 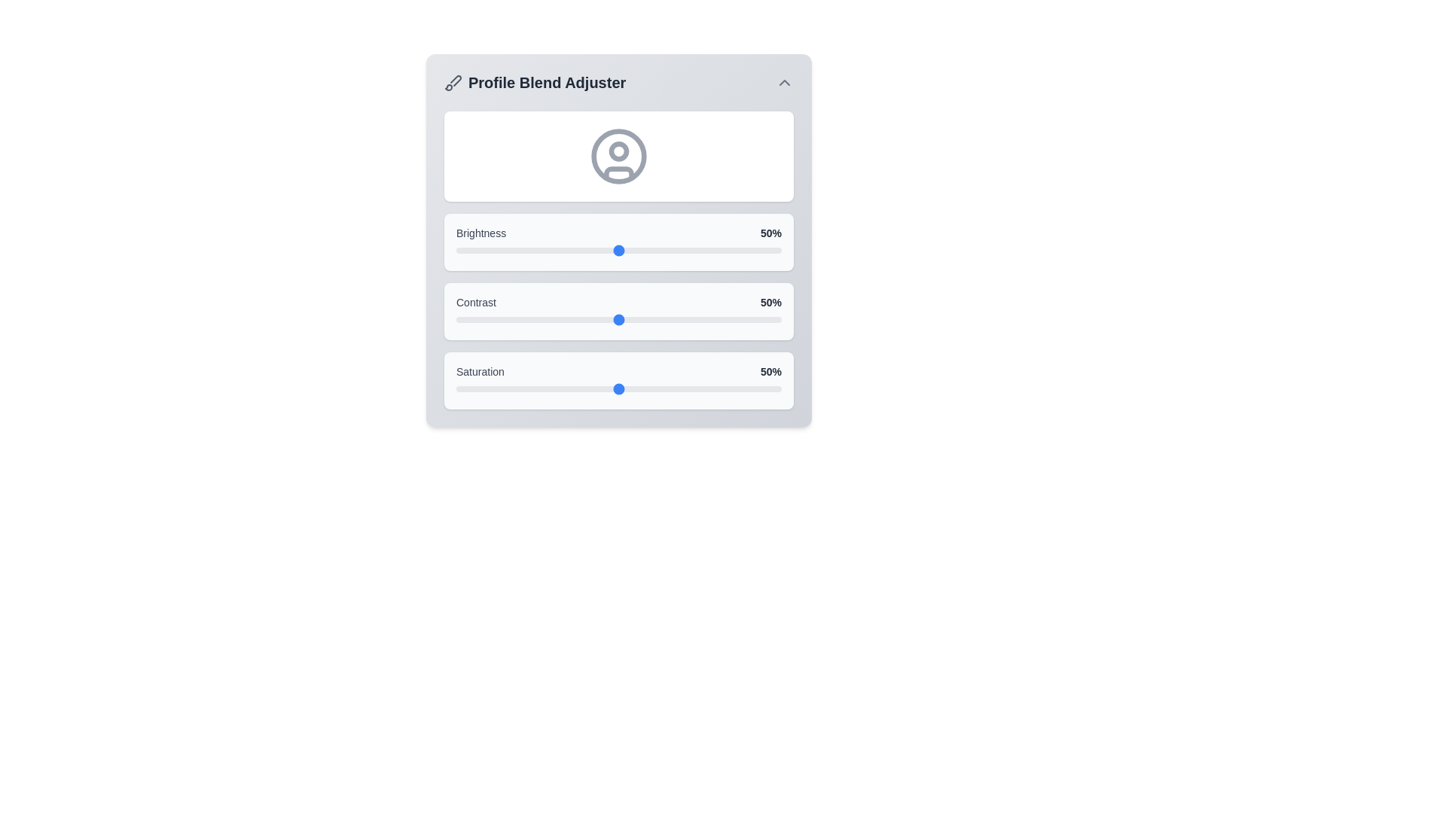 What do you see at coordinates (618, 157) in the screenshot?
I see `the outermost circular SVG graphical element of the user profile icon located below the 'Profile Blend Adjuster' header` at bounding box center [618, 157].